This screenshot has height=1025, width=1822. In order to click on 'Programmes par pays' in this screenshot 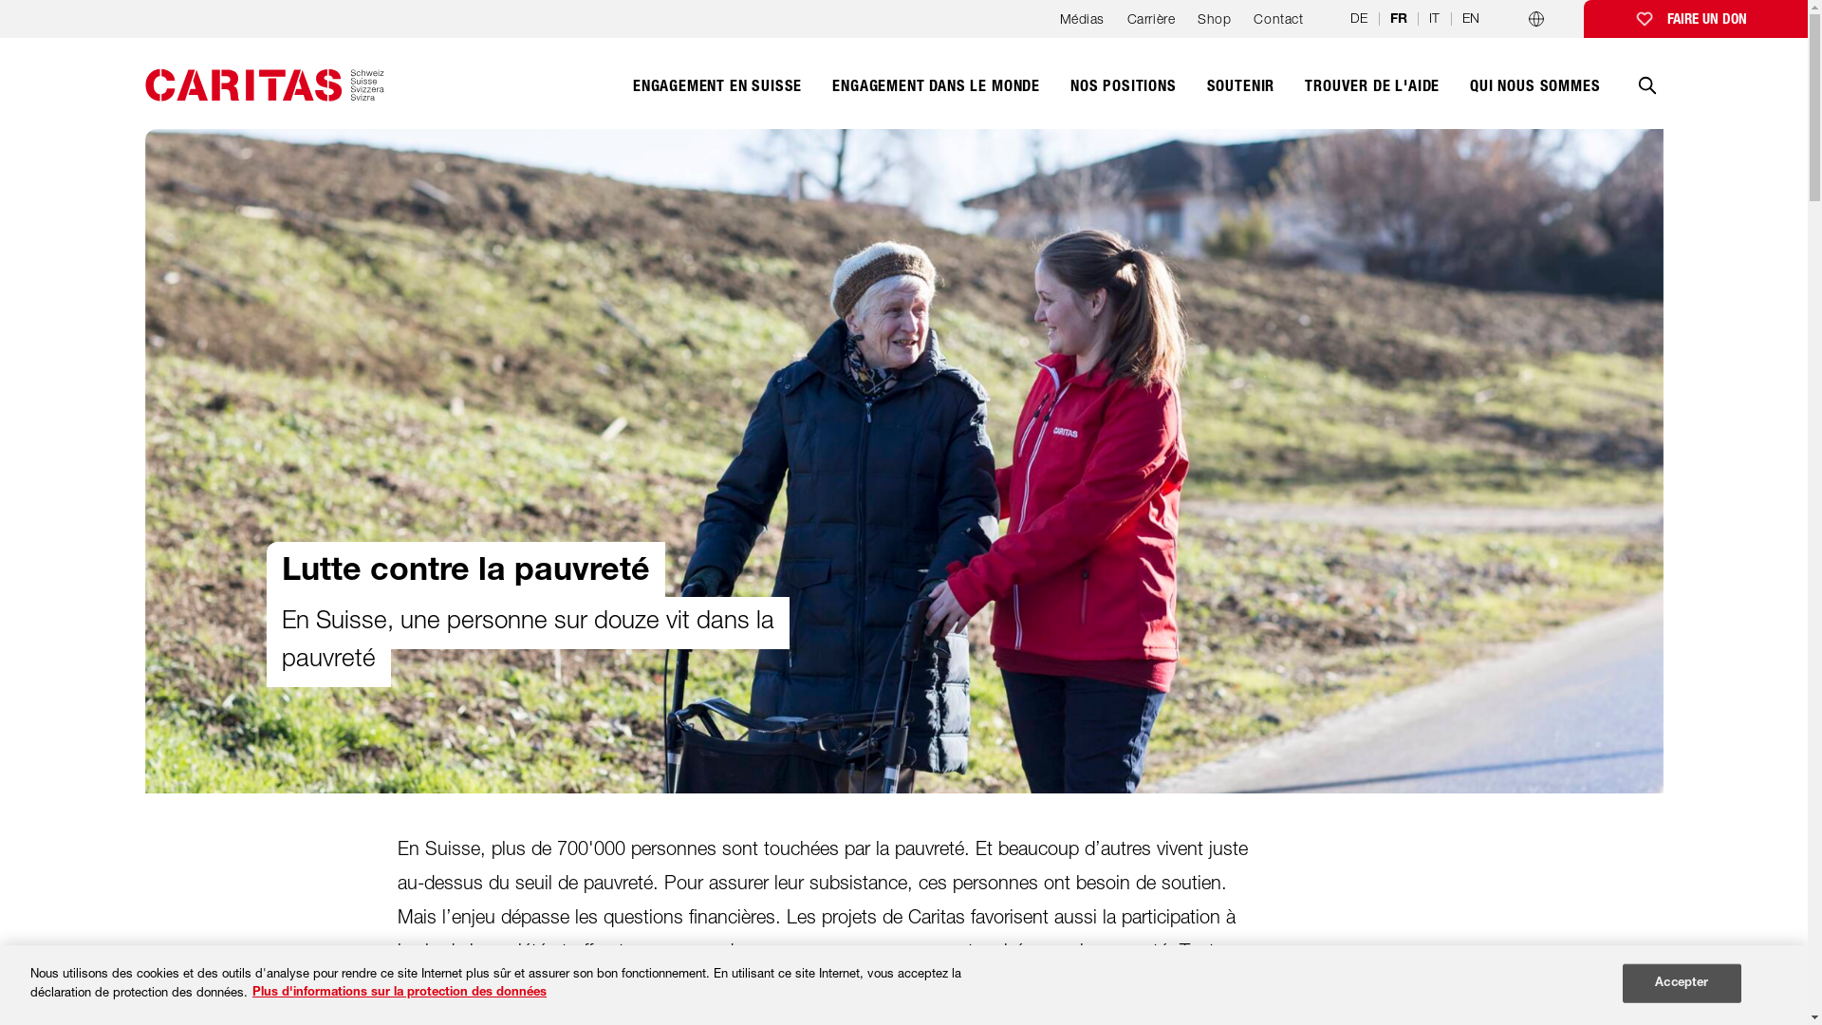, I will do `click(1535, 18)`.